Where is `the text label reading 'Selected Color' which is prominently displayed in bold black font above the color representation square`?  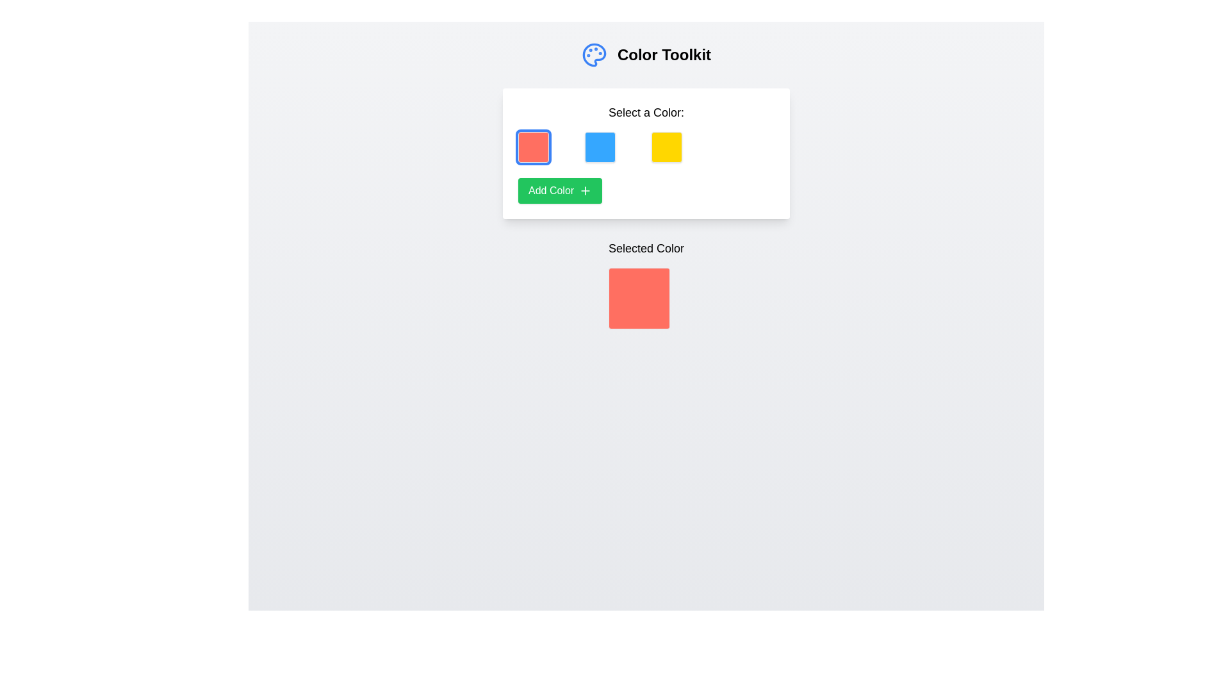 the text label reading 'Selected Color' which is prominently displayed in bold black font above the color representation square is located at coordinates (646, 249).